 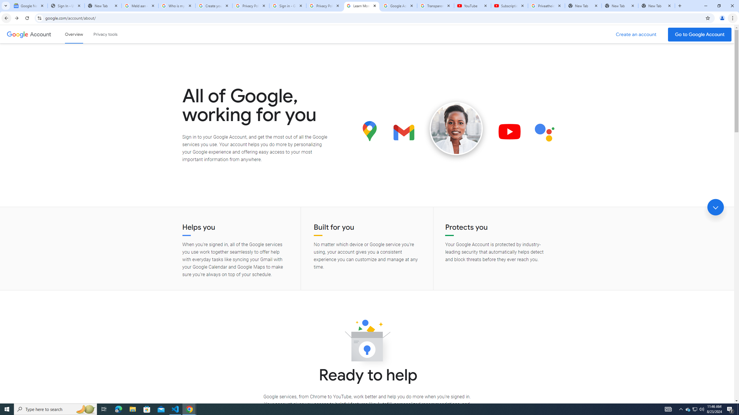 I want to click on 'Google Account', so click(x=41, y=34).